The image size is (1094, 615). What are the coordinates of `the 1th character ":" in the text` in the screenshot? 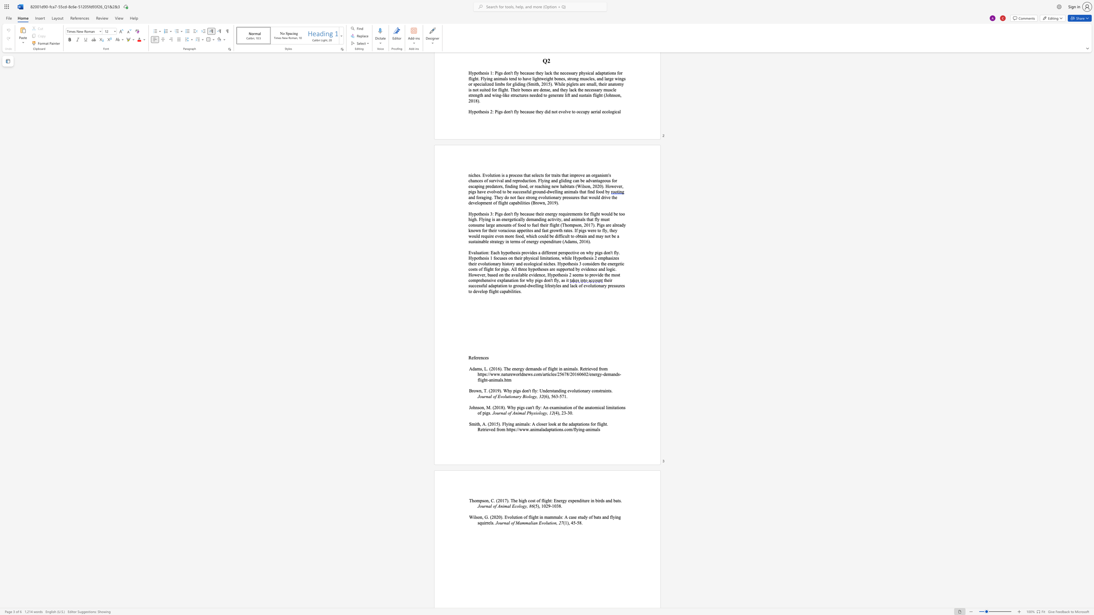 It's located at (562, 517).